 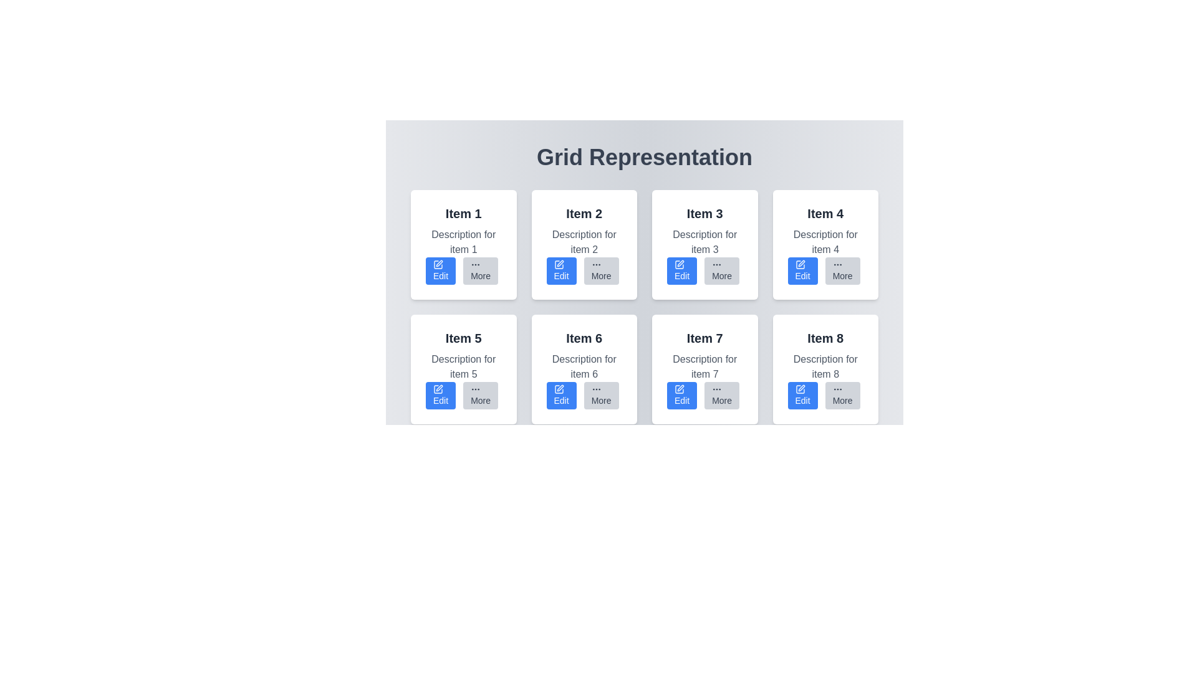 What do you see at coordinates (704, 242) in the screenshot?
I see `the text label reading 'Description for item 3' which is styled with a gray color and located under the title 'Item 3' in the card that displays information about 'Item 3'` at bounding box center [704, 242].